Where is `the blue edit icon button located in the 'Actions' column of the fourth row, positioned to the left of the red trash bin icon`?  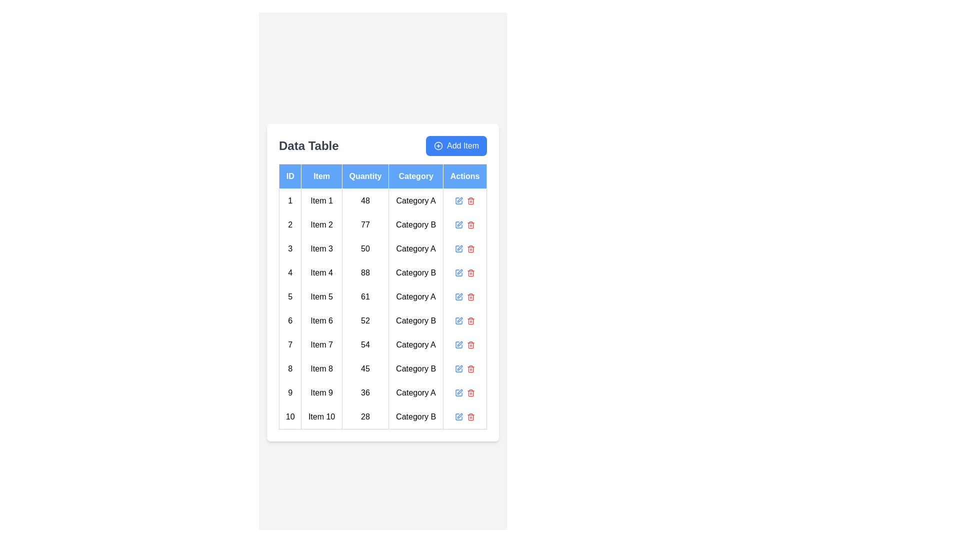 the blue edit icon button located in the 'Actions' column of the fourth row, positioned to the left of the red trash bin icon is located at coordinates (458, 272).